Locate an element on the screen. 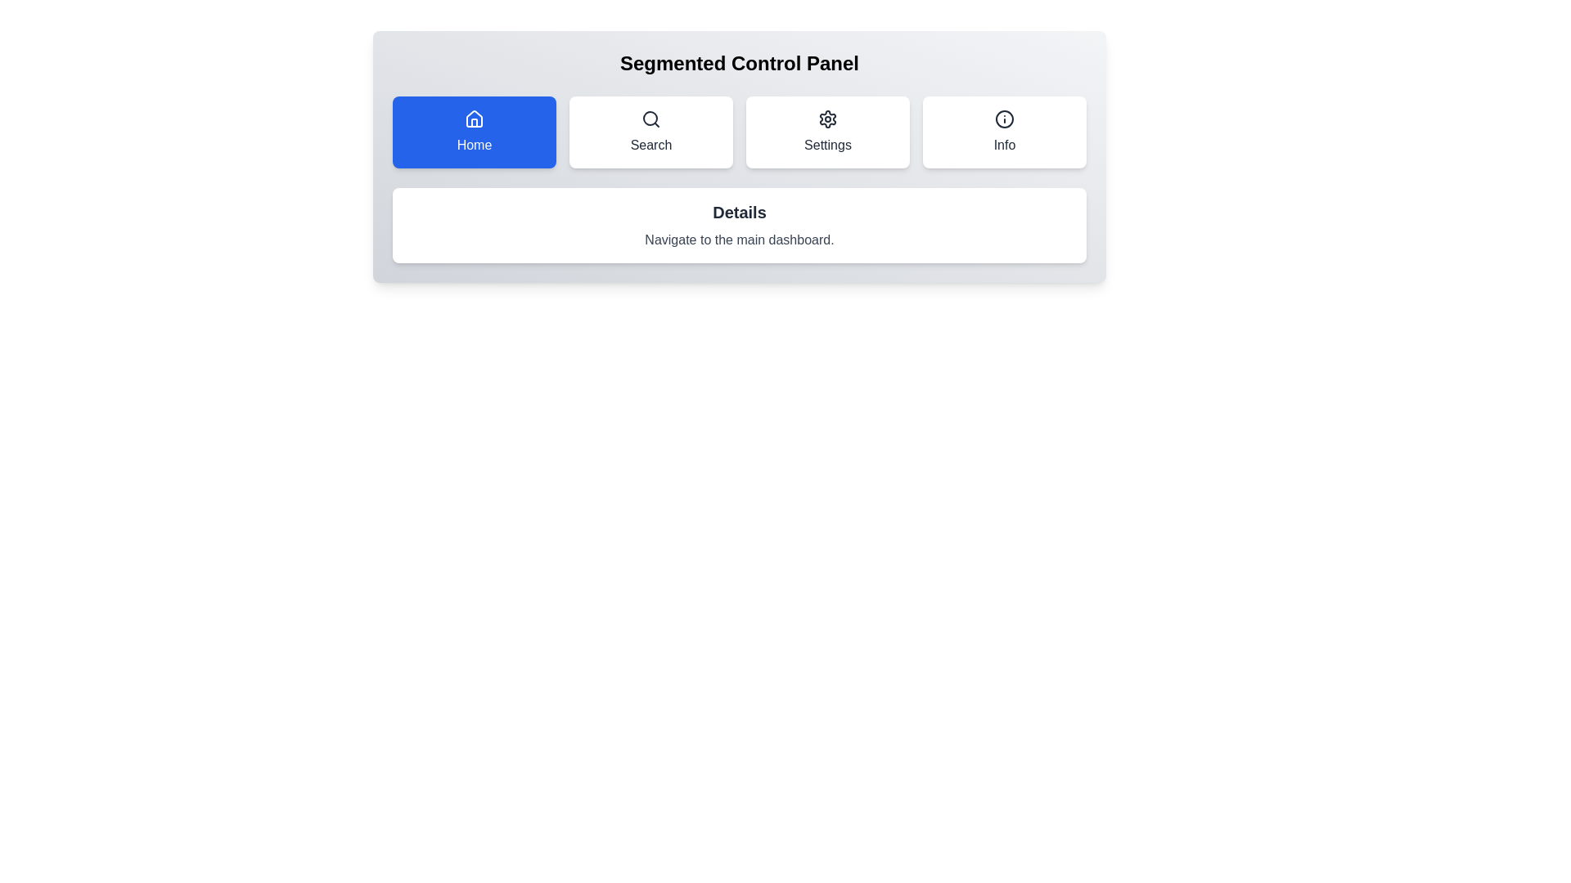  text displayed on the 'Home' navigation button label, which clarifies the button's functionality to navigate to the 'Home' section is located at coordinates (474, 144).